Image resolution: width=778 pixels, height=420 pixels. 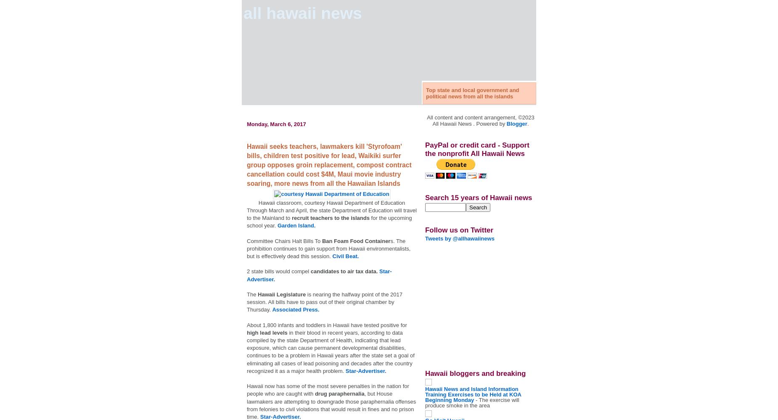 What do you see at coordinates (247, 390) in the screenshot?
I see `'Hawaii now has some of the most severe penalties in the nation for people who are caught with'` at bounding box center [247, 390].